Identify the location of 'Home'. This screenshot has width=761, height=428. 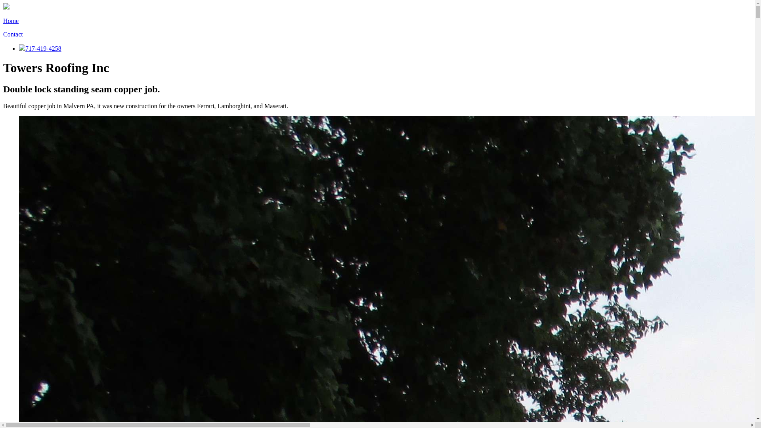
(11, 20).